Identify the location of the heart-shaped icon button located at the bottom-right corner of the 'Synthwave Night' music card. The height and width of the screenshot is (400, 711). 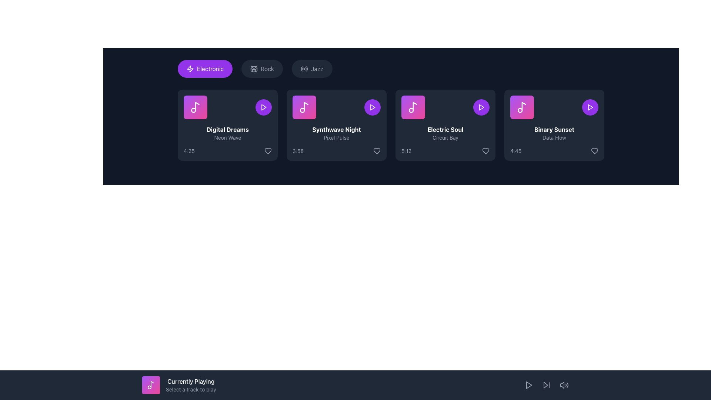
(377, 151).